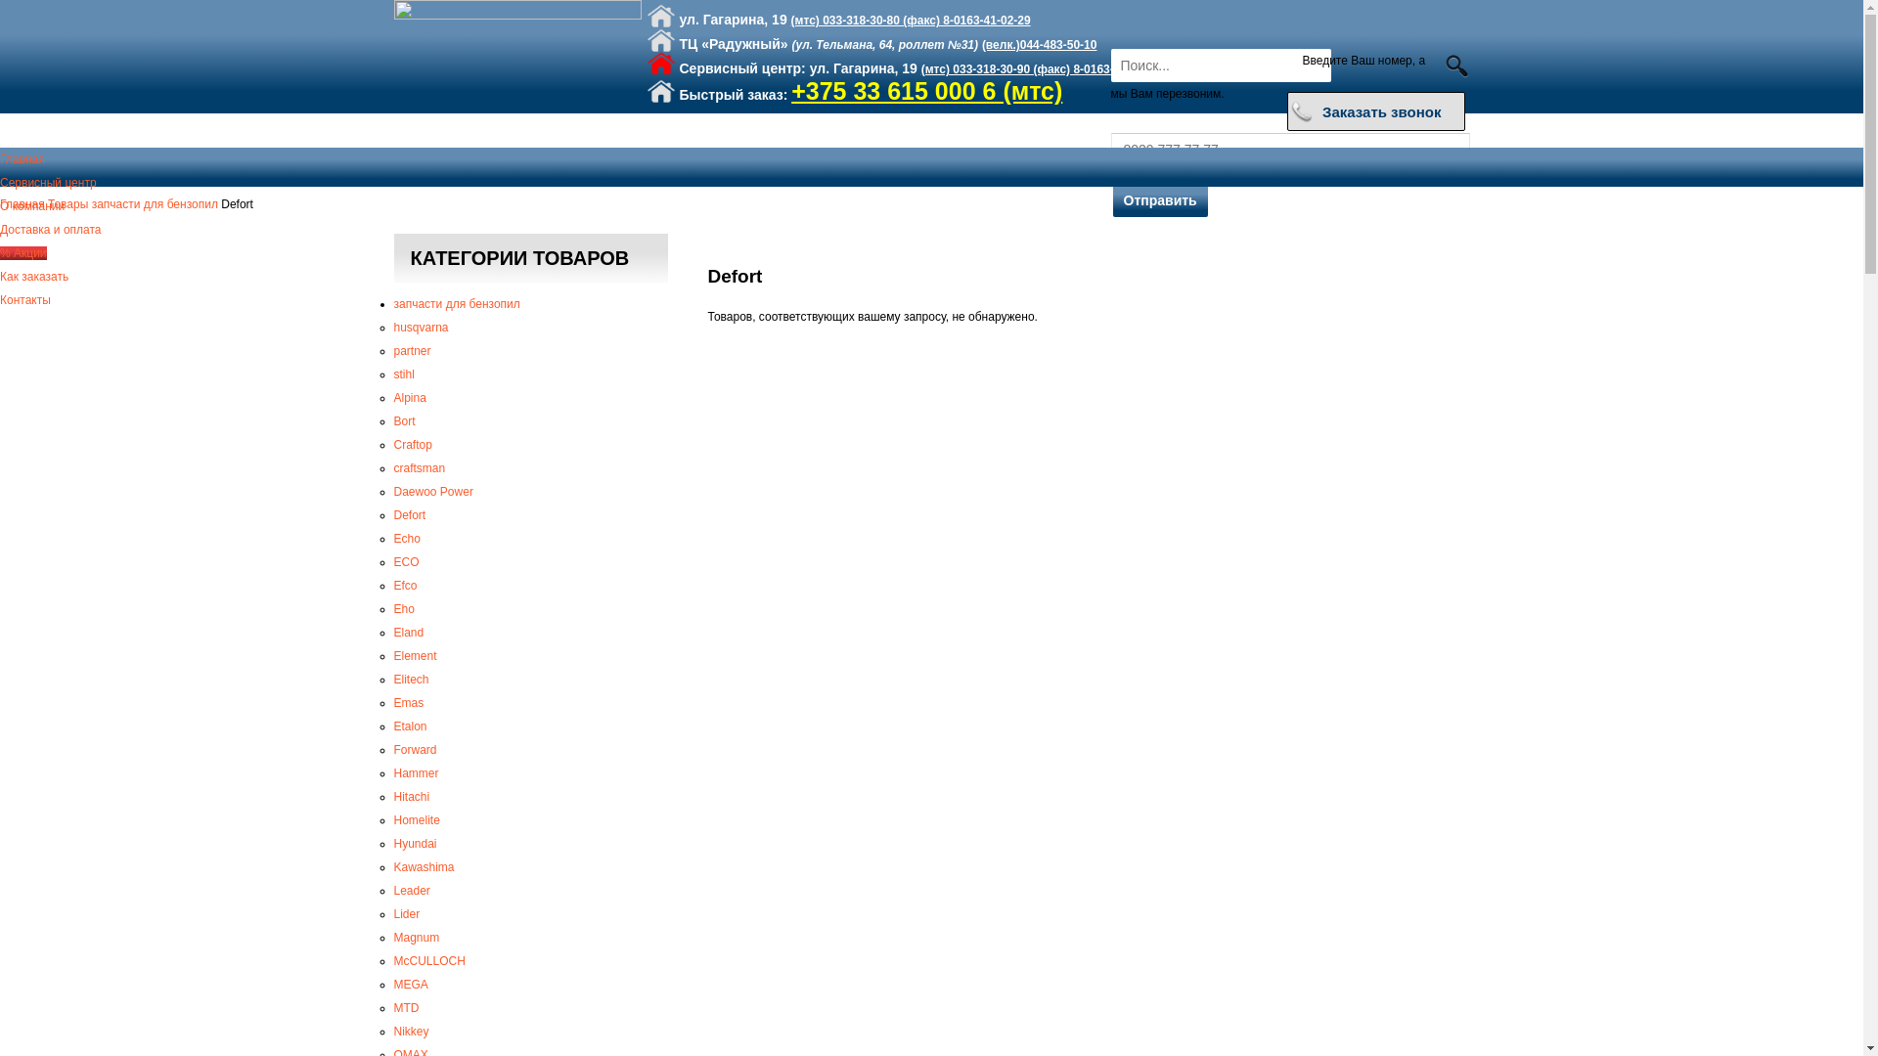  I want to click on 'Forward', so click(413, 749).